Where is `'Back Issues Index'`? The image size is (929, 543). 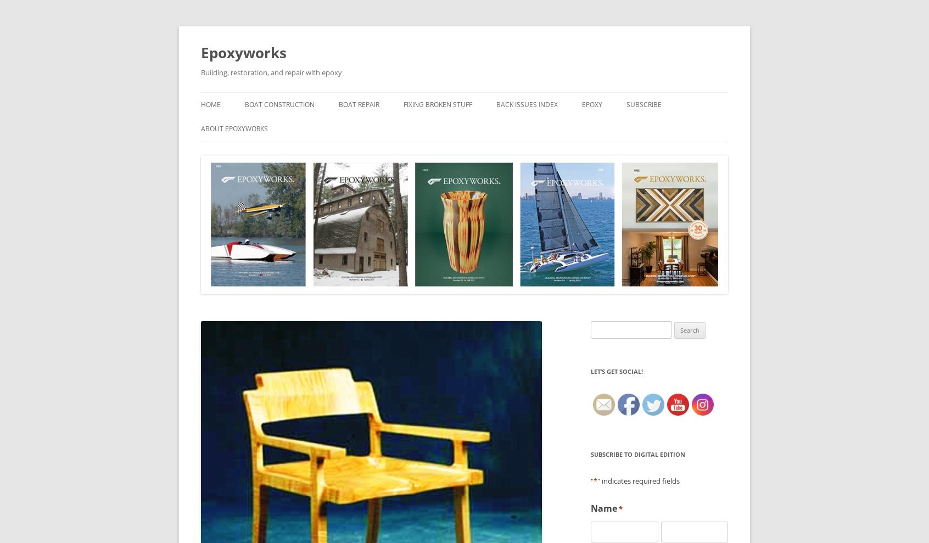
'Back Issues Index' is located at coordinates (496, 104).